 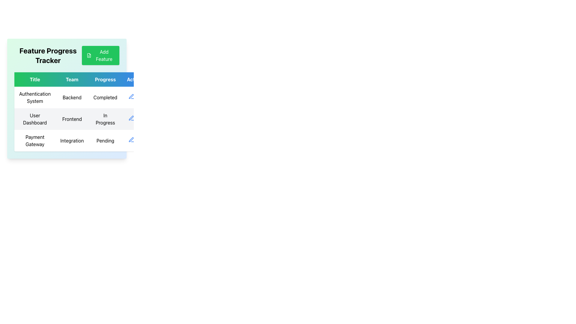 I want to click on text from the Table Cell Text element labeled 'Authentication System', which is located in the first row of the 'Title' column in a structured table layout, so click(x=34, y=97).